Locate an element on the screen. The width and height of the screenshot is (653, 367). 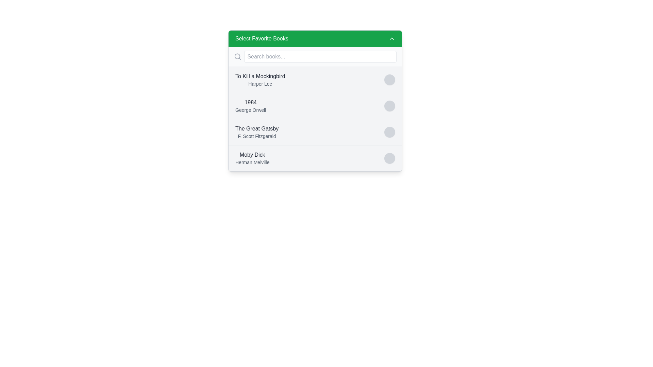
the textual label displaying the author name 'George Orwell', which is styled in a small gray font and positioned below the bold title '1984' in the list of book titles is located at coordinates (250, 110).